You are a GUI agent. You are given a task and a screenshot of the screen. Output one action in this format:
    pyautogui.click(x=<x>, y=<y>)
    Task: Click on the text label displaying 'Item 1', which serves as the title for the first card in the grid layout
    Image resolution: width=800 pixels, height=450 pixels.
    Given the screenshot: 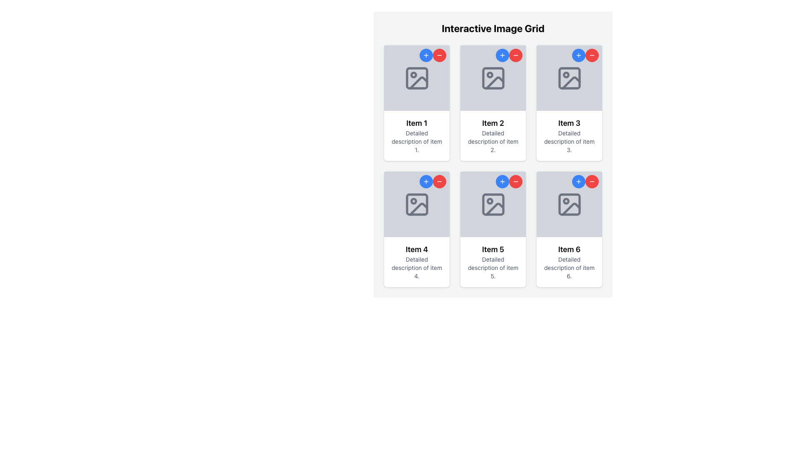 What is the action you would take?
    pyautogui.click(x=417, y=123)
    